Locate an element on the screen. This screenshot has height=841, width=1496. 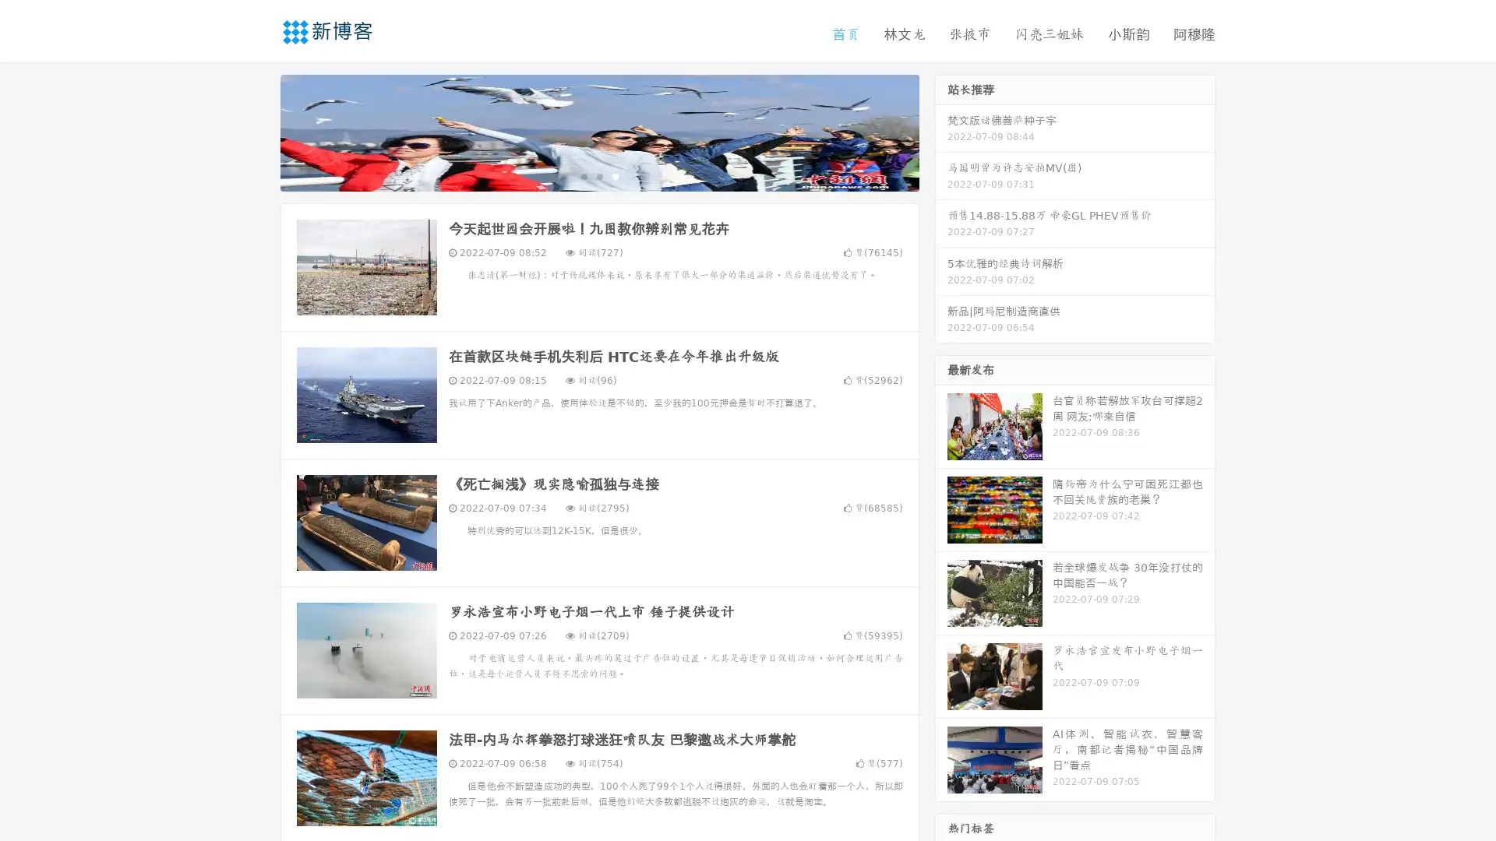
Go to slide 1 is located at coordinates (583, 175).